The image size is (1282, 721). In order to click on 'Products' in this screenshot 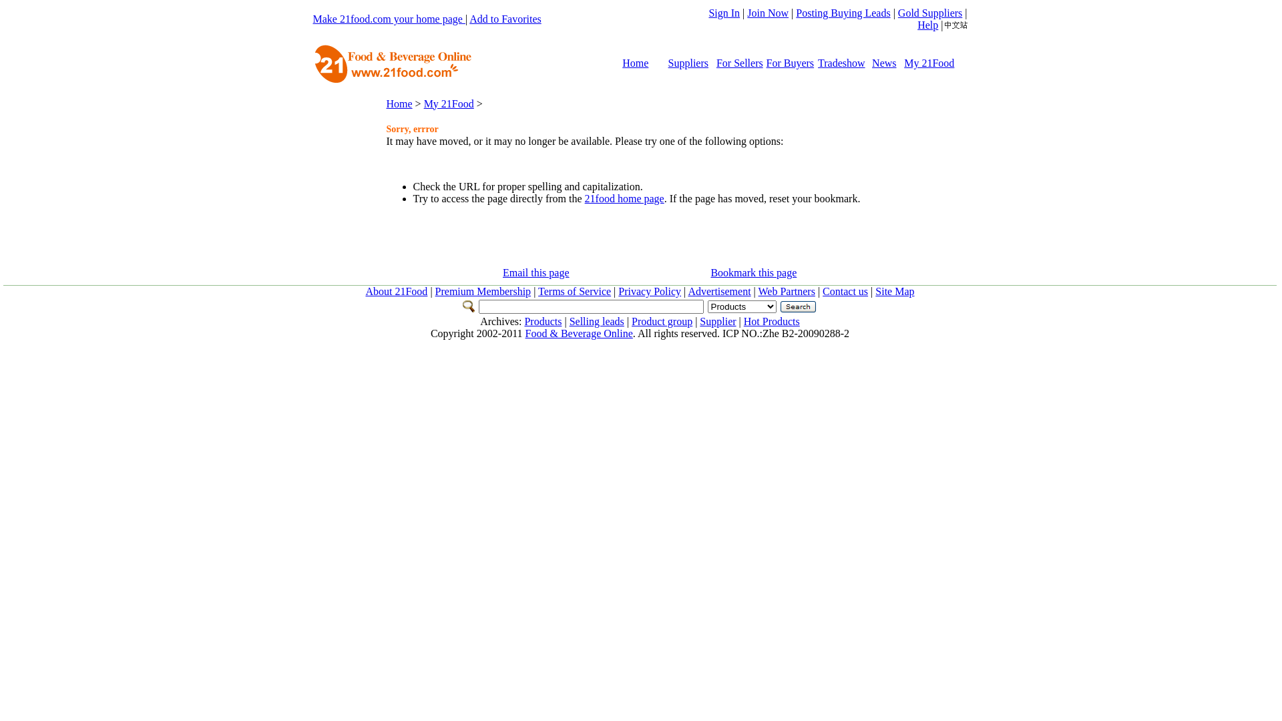, I will do `click(542, 321)`.